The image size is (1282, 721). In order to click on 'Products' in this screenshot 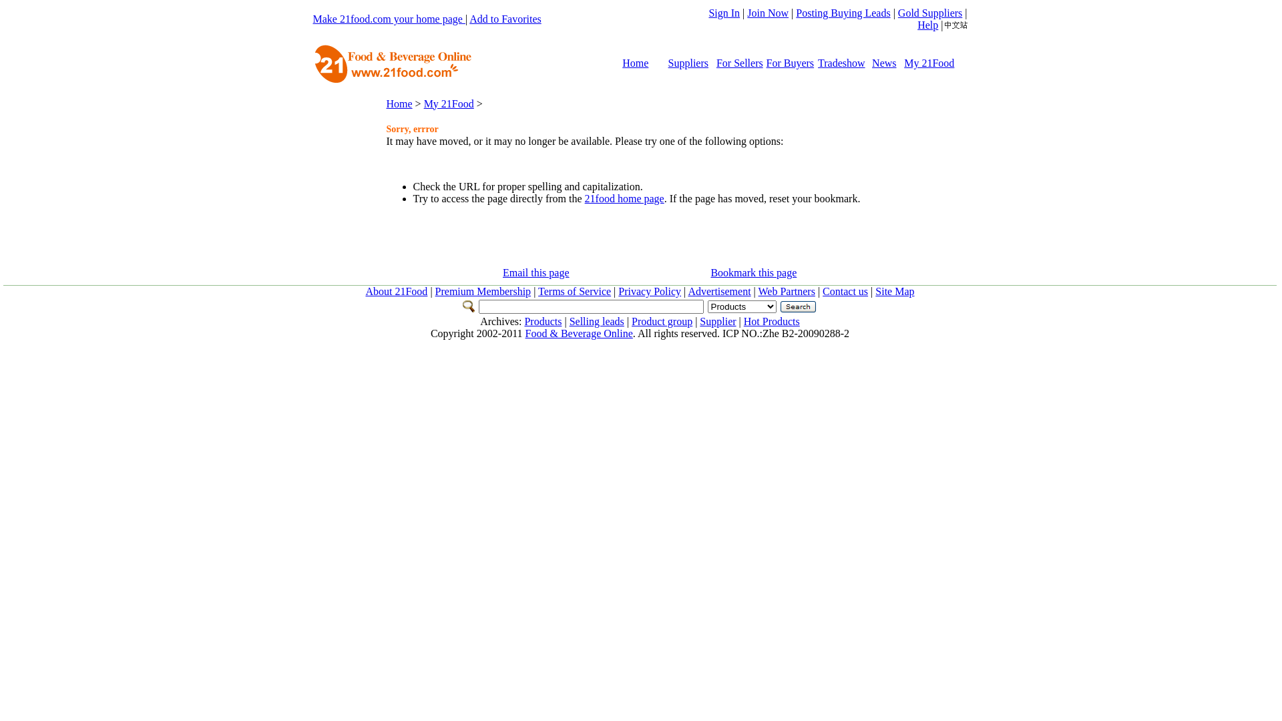, I will do `click(542, 321)`.